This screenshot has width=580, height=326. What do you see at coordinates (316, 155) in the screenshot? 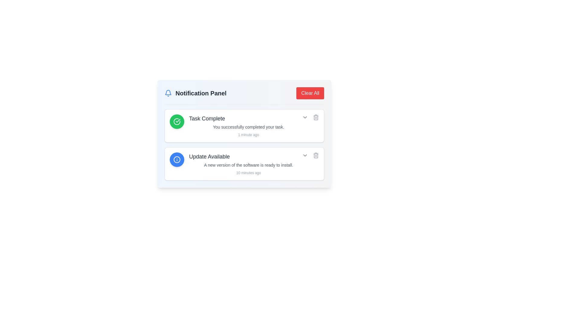
I see `the trash icon button in the notification panel for the 'Update Available' notification to change its color from gray to red` at bounding box center [316, 155].